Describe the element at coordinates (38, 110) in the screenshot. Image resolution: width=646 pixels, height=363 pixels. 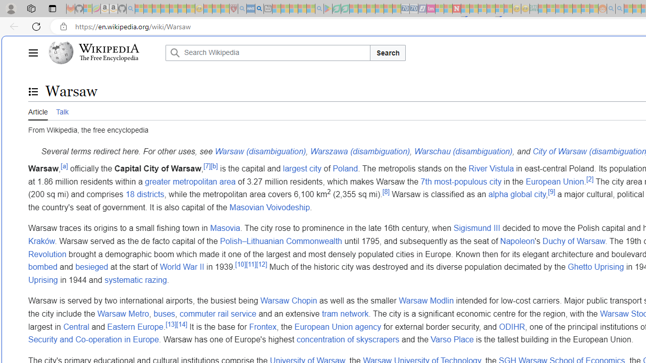
I see `'Article'` at that location.